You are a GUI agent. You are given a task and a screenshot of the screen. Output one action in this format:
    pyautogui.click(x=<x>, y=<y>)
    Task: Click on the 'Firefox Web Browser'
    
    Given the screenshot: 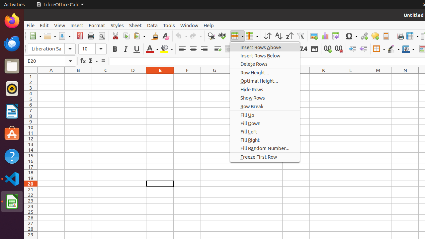 What is the action you would take?
    pyautogui.click(x=12, y=20)
    